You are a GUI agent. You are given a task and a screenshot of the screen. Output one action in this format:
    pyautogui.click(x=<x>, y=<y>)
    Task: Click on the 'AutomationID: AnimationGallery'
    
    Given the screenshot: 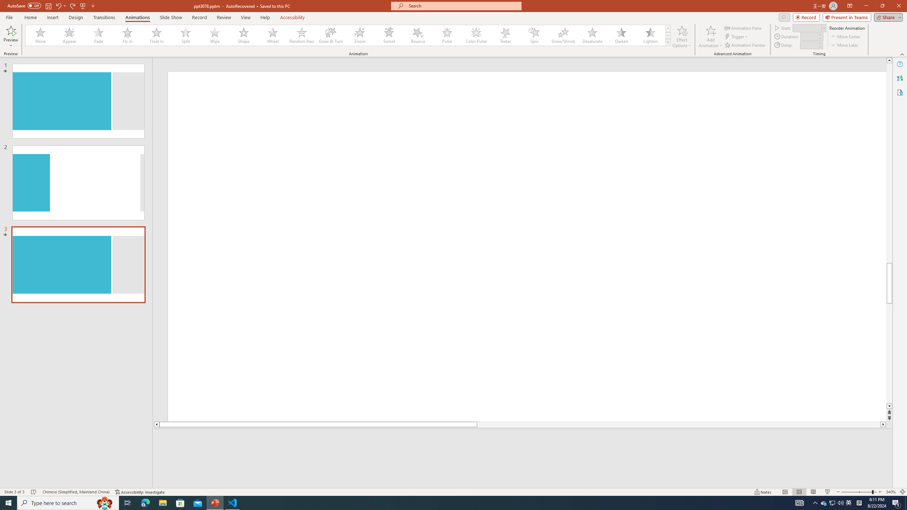 What is the action you would take?
    pyautogui.click(x=348, y=35)
    